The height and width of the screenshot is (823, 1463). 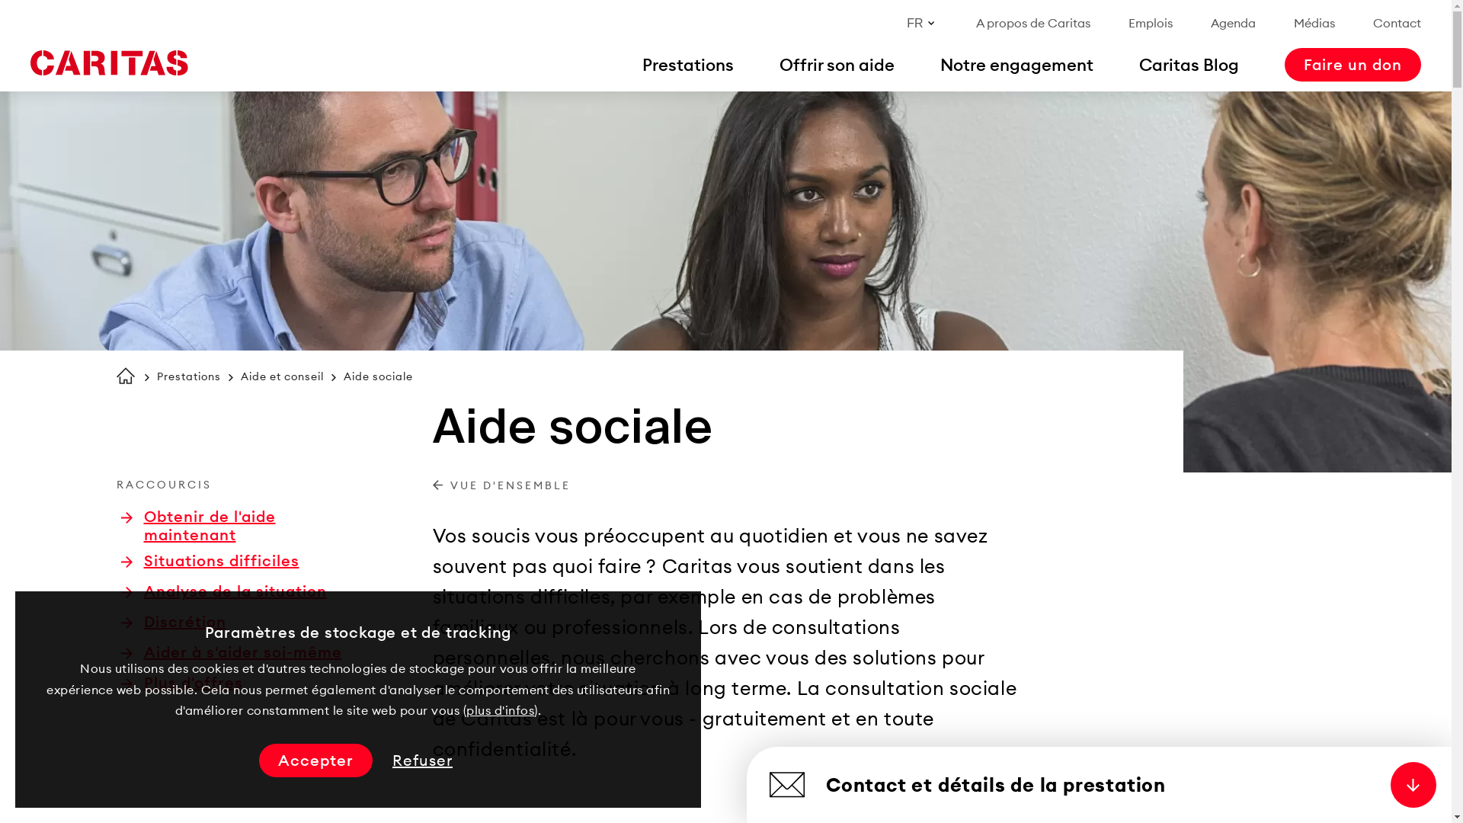 I want to click on 'A propos de Caritas', so click(x=1033, y=23).